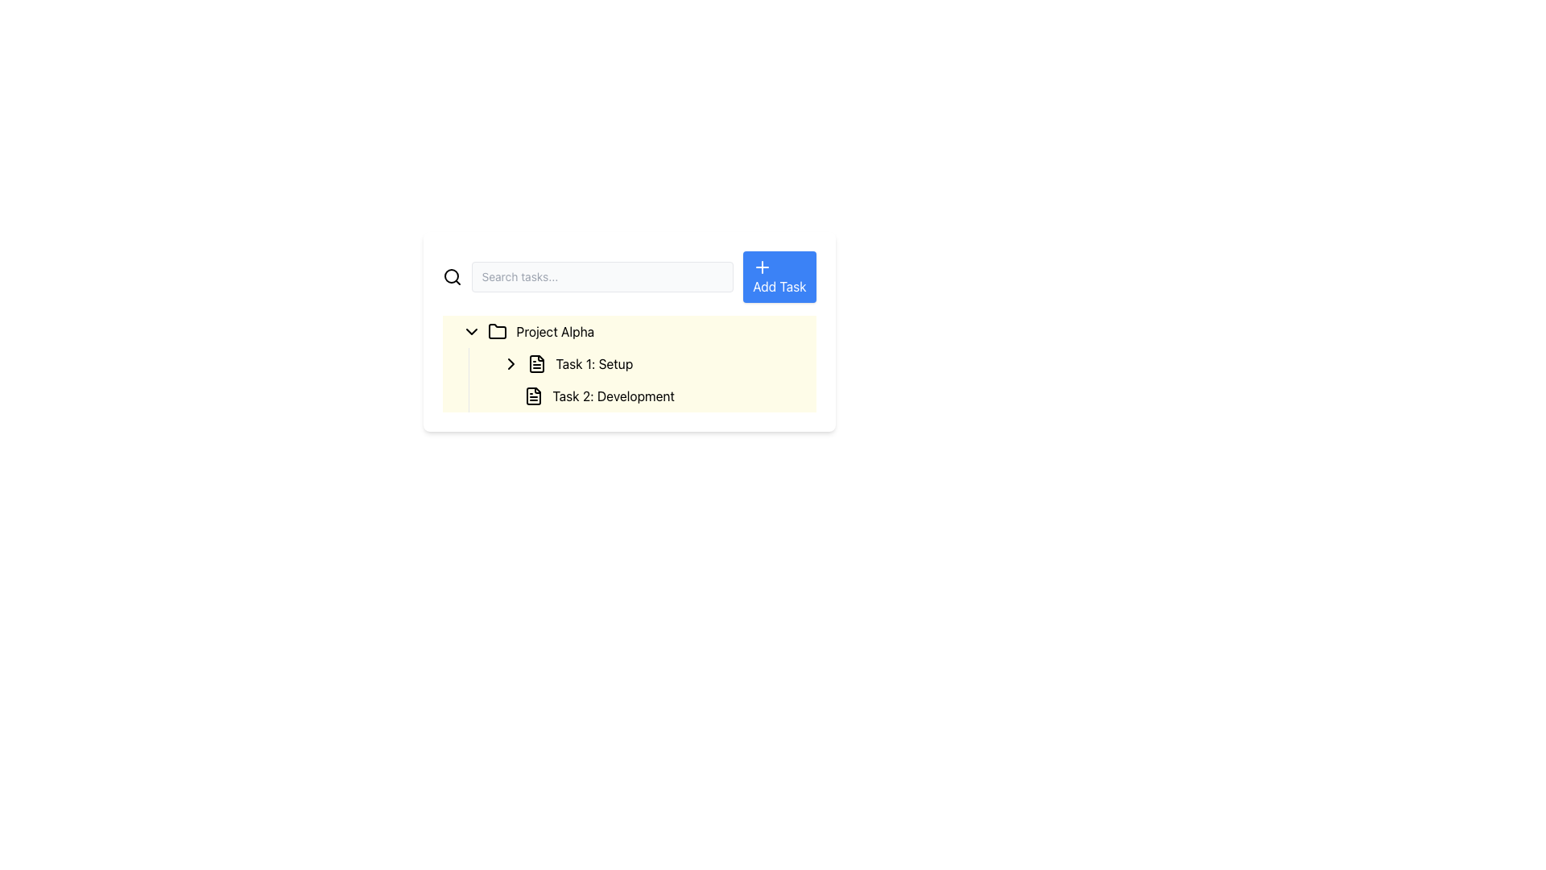 This screenshot has width=1546, height=870. I want to click on the expand/collapse button in the header row labeled 'Project Alpha', so click(470, 331).